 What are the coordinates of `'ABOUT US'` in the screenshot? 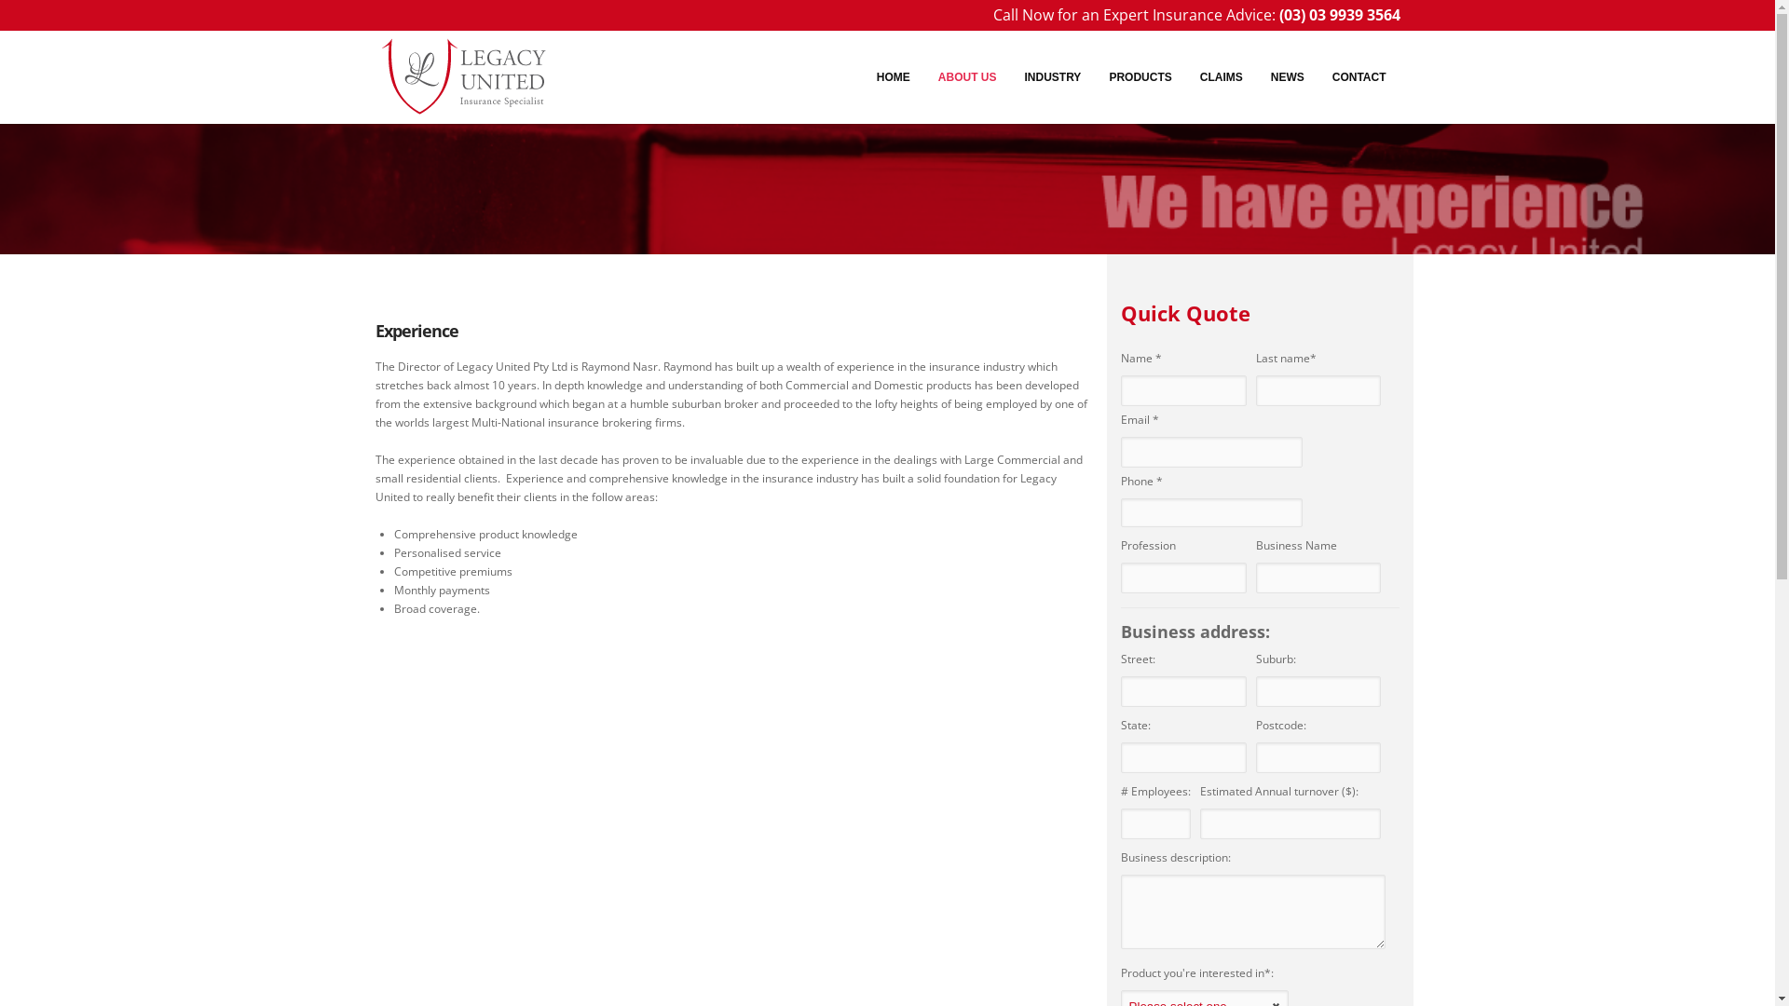 It's located at (924, 76).